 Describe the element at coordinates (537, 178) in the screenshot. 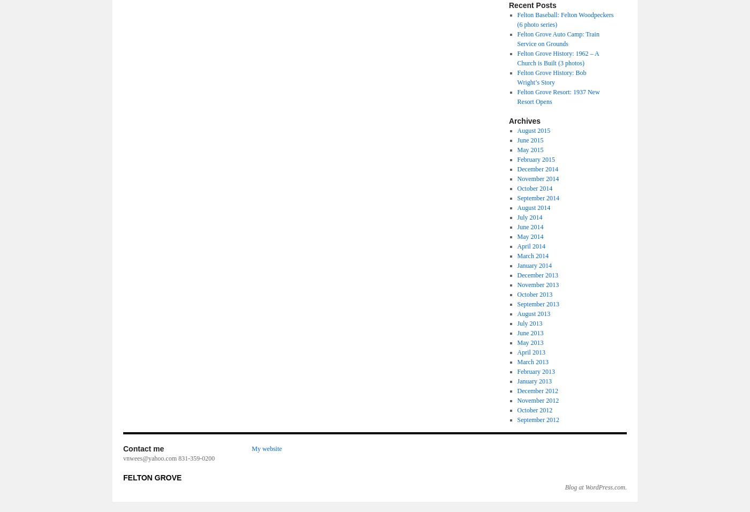

I see `'November 2014'` at that location.